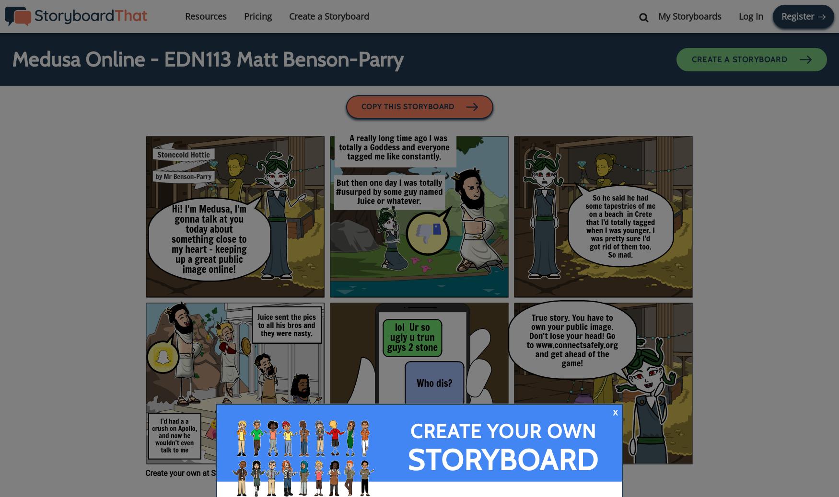 The height and width of the screenshot is (497, 839). Describe the element at coordinates (502, 459) in the screenshot. I see `'Storyboard'` at that location.